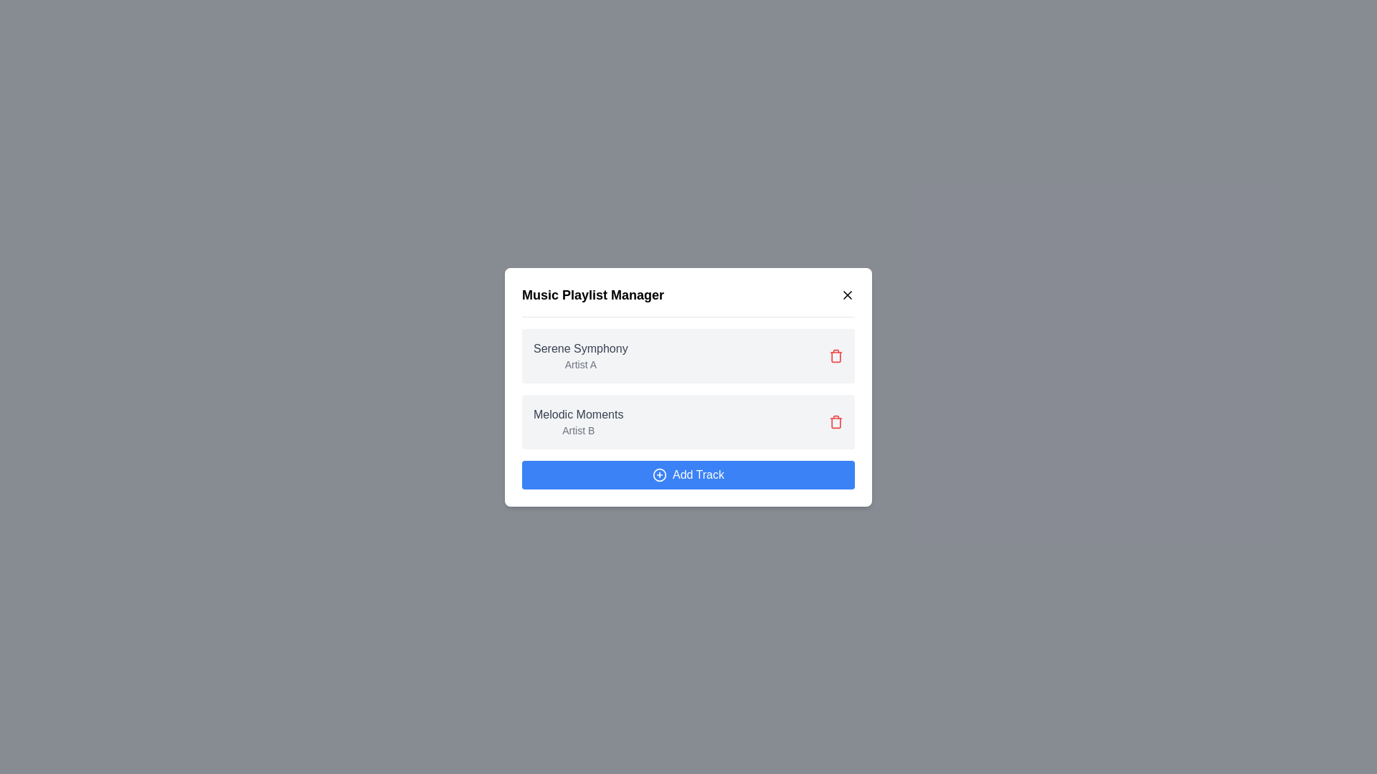 The image size is (1377, 774). What do you see at coordinates (580, 363) in the screenshot?
I see `the small text element reading 'Artist A' styled in a grayish small font located below the title 'Serene Symphony' in the 'Music Playlist Manager' modal` at bounding box center [580, 363].